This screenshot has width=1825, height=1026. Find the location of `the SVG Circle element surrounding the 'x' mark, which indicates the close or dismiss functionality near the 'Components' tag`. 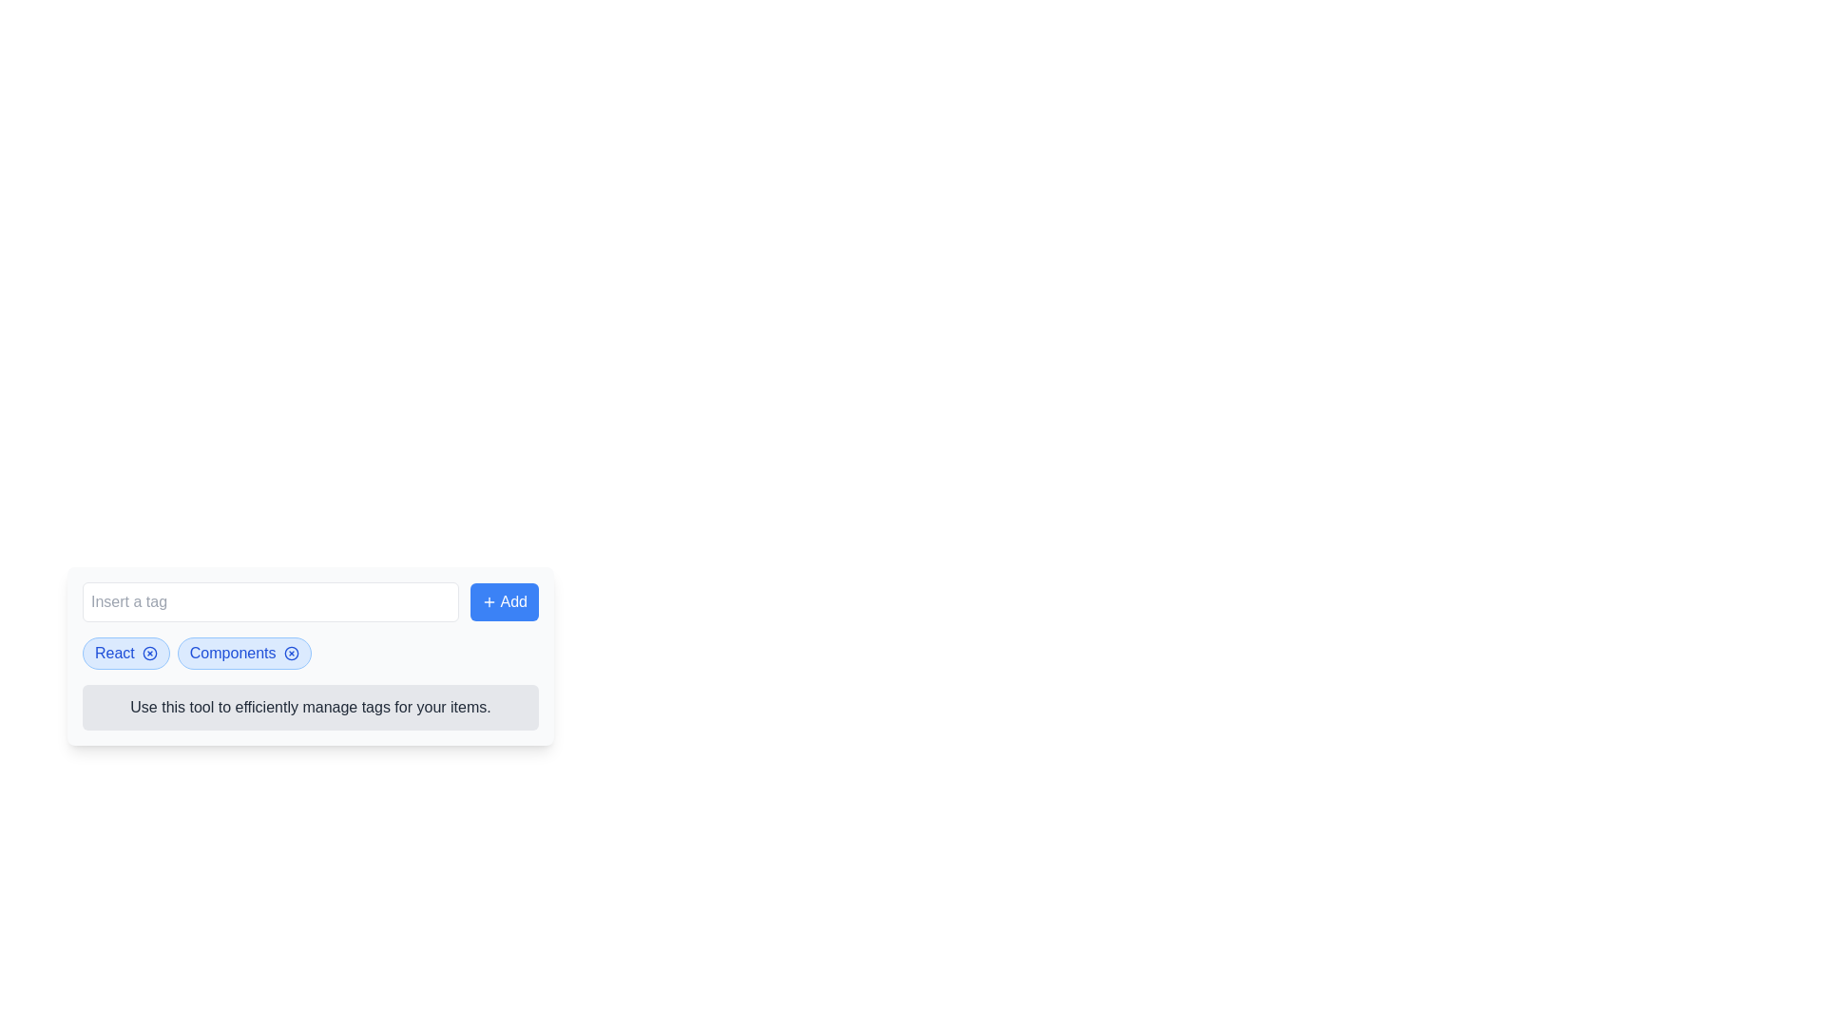

the SVG Circle element surrounding the 'x' mark, which indicates the close or dismiss functionality near the 'Components' tag is located at coordinates (290, 652).